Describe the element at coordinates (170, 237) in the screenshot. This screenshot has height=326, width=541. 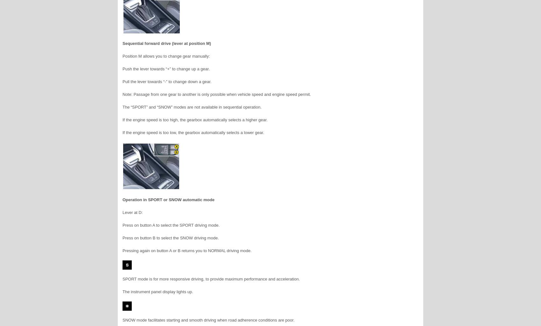
I see `'Press on button B to select the SNOW driving mode.'` at that location.